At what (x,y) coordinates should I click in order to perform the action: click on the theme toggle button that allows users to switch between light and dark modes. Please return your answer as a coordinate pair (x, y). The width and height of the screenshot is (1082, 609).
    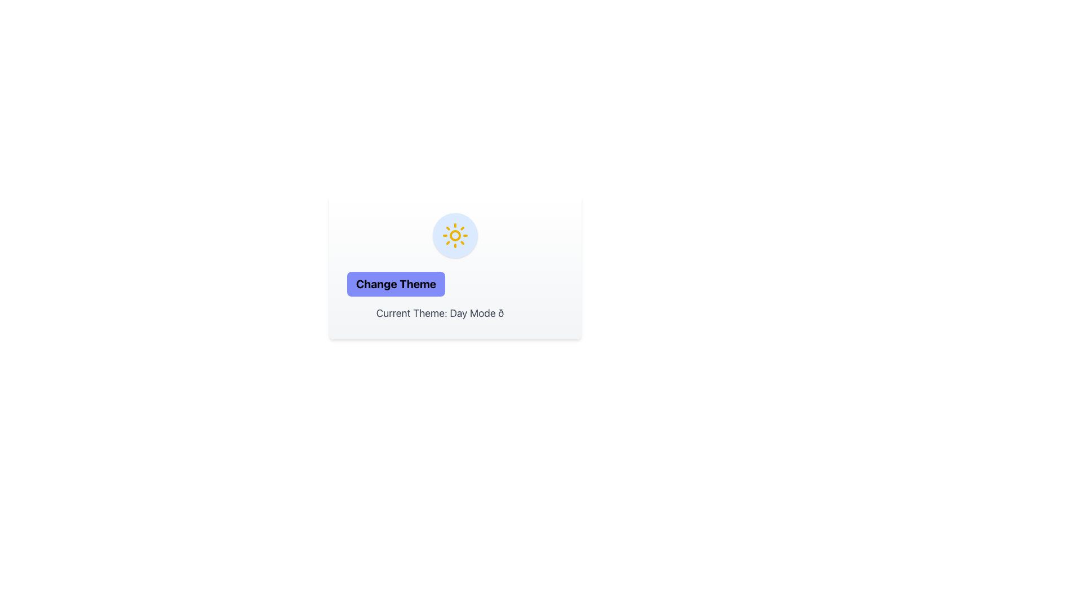
    Looking at the image, I should click on (396, 284).